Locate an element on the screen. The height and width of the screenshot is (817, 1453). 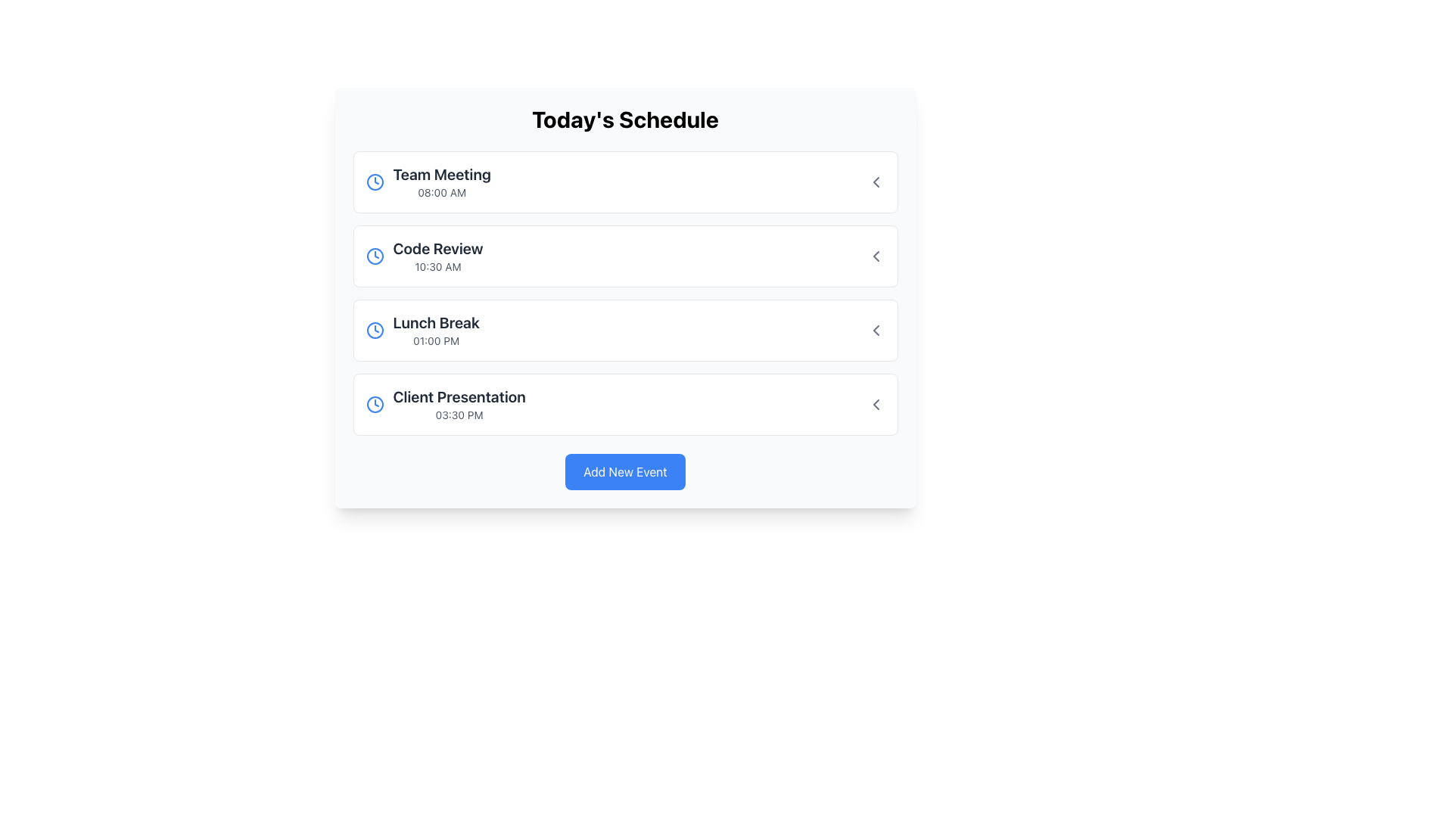
the button located at the rightmost position of the 'Client Presentation' entry in the agenda list is located at coordinates (876, 404).